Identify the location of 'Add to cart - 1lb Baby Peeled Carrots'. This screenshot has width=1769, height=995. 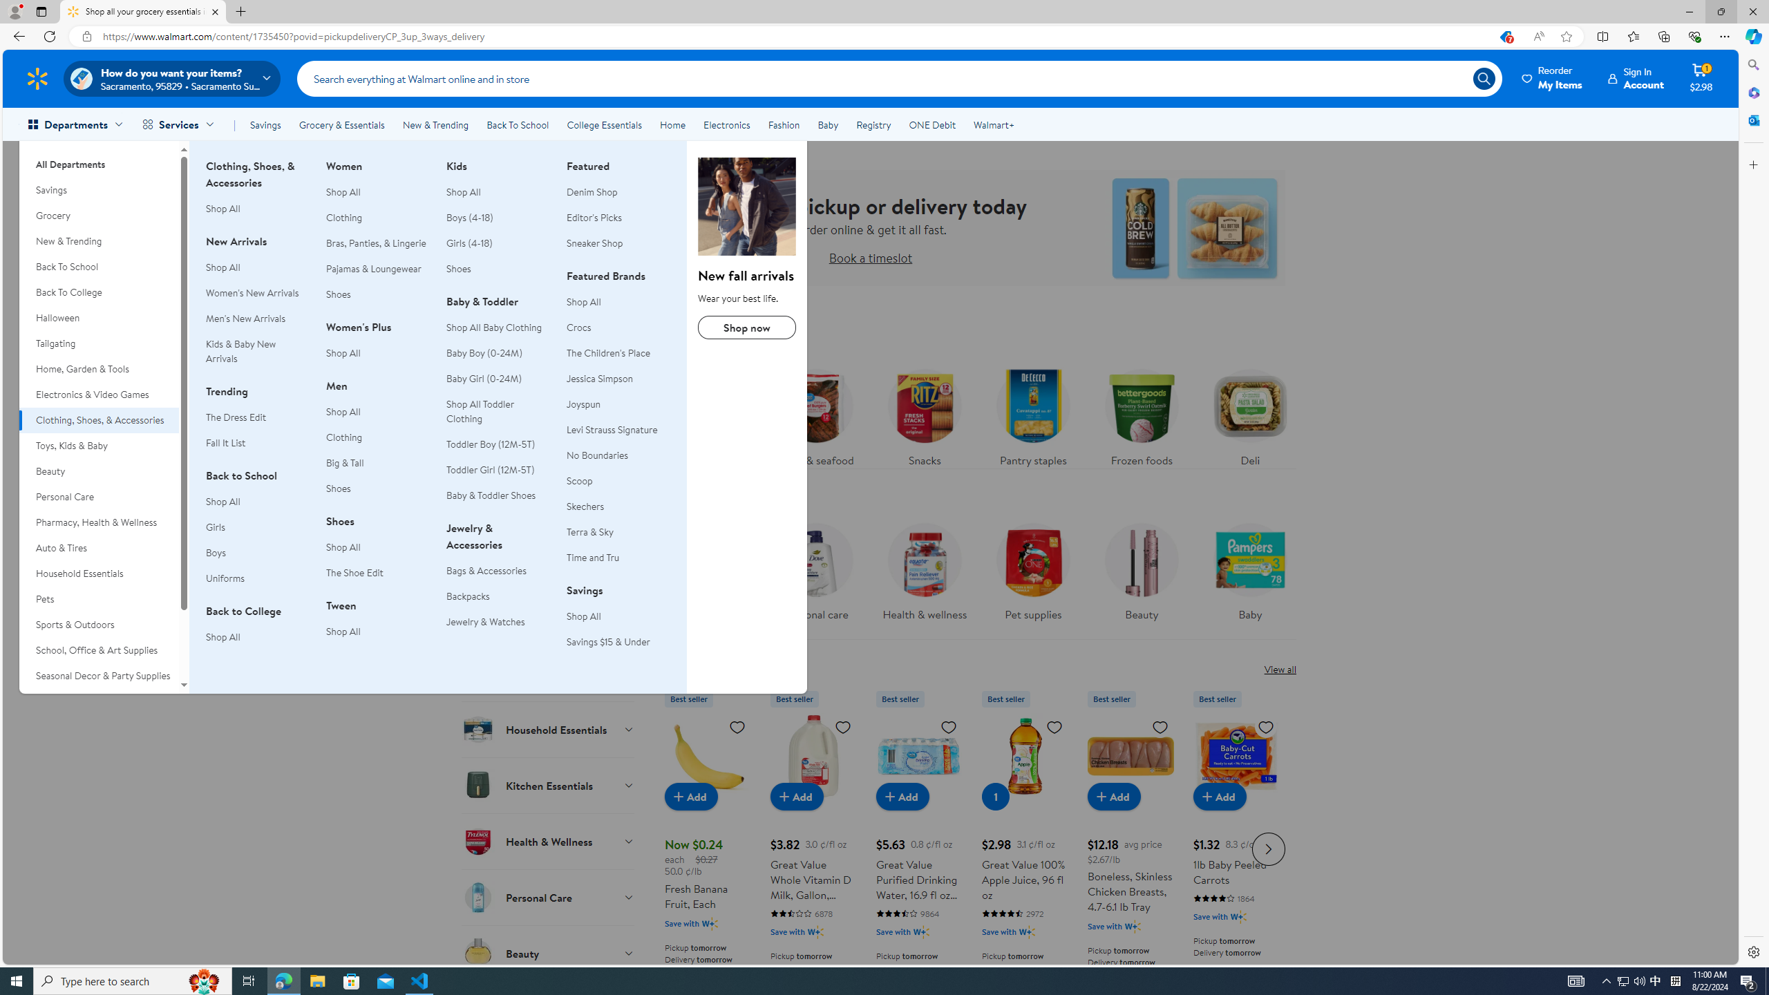
(1220, 796).